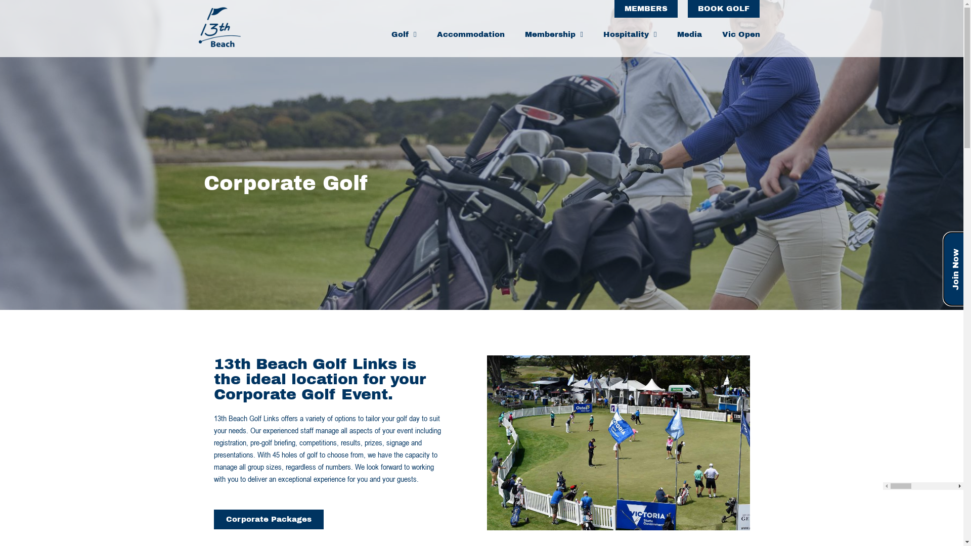 The width and height of the screenshot is (971, 546). Describe the element at coordinates (629, 34) in the screenshot. I see `'Hospitality'` at that location.